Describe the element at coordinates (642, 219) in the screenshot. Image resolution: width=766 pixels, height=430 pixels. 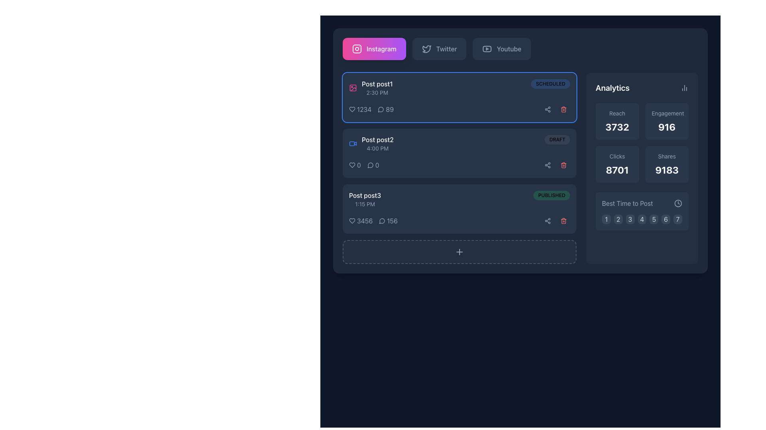
I see `the fourth button in a horizontal sequence of seven buttons under the label 'Best Time to Post'` at that location.